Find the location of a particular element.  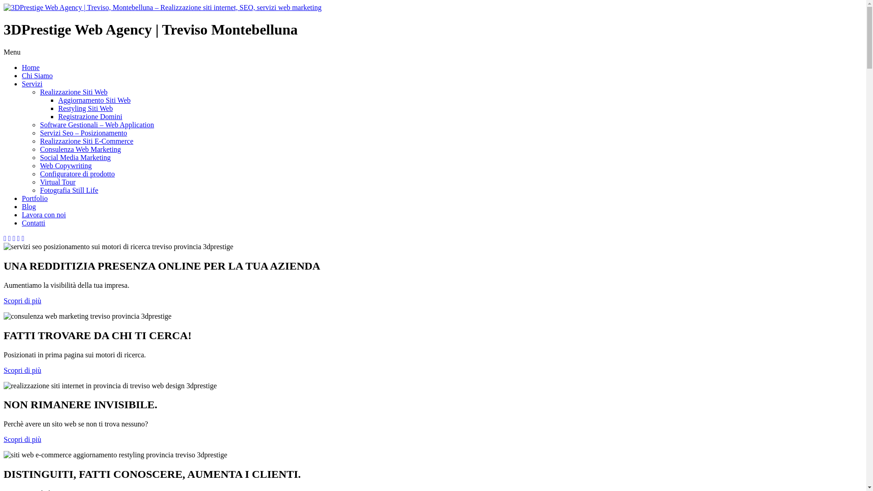

'Consulenza Web Marketing' is located at coordinates (39, 149).